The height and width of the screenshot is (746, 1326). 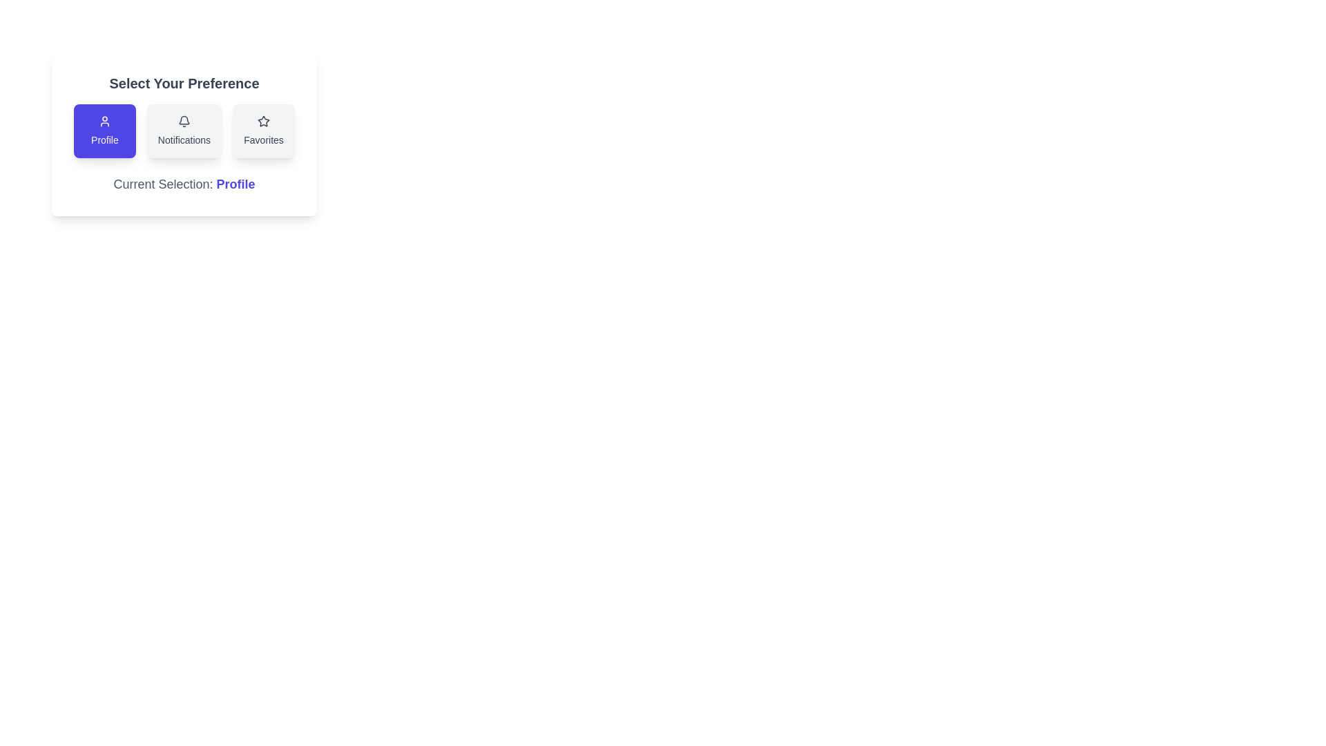 What do you see at coordinates (264, 120) in the screenshot?
I see `the star-shaped outline icon in the 'Favorites' selection bar` at bounding box center [264, 120].